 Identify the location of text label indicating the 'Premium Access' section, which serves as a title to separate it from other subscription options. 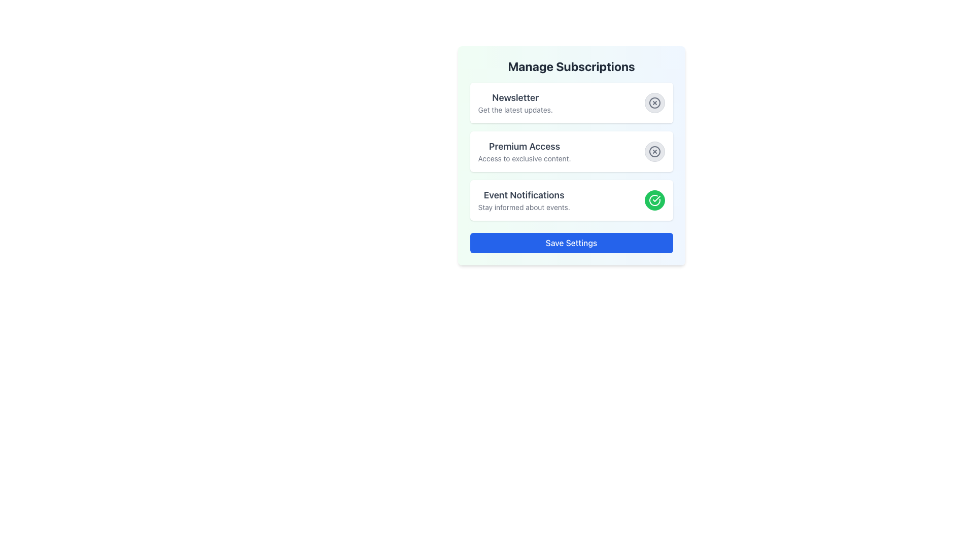
(525, 147).